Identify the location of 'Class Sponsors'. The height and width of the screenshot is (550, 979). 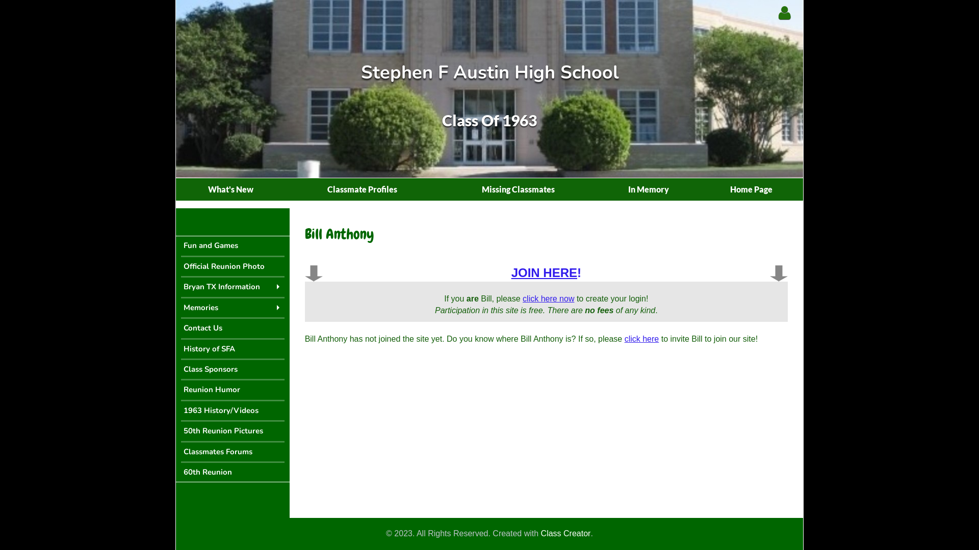
(232, 369).